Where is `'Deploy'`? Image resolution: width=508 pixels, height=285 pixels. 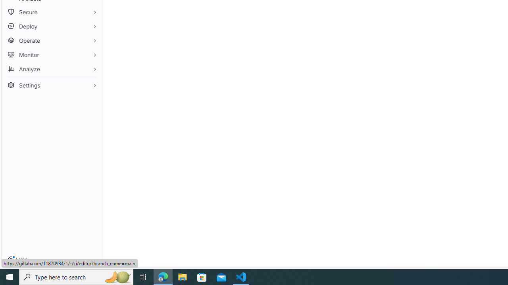 'Deploy' is located at coordinates (52, 26).